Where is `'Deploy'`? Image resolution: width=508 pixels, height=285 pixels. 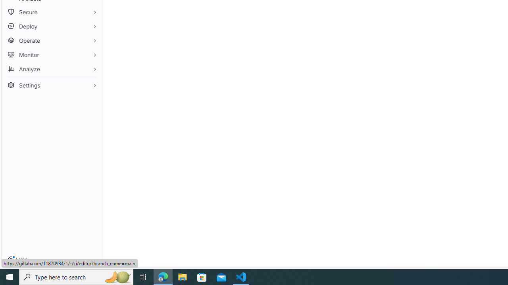 'Deploy' is located at coordinates (52, 26).